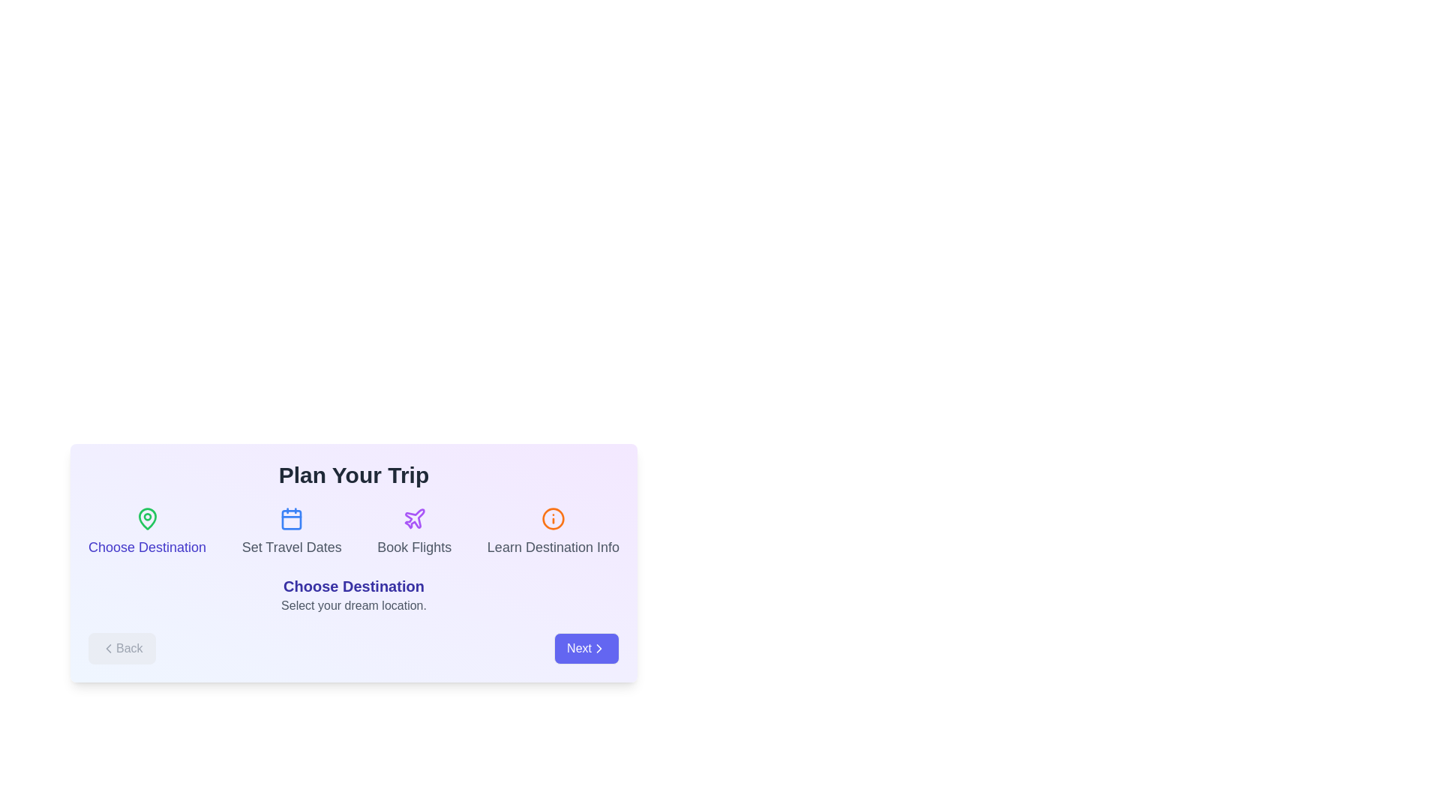  I want to click on the purple airplane icon that symbolizes 'Book Flights', positioned third in the navigation row above its label, so click(414, 517).